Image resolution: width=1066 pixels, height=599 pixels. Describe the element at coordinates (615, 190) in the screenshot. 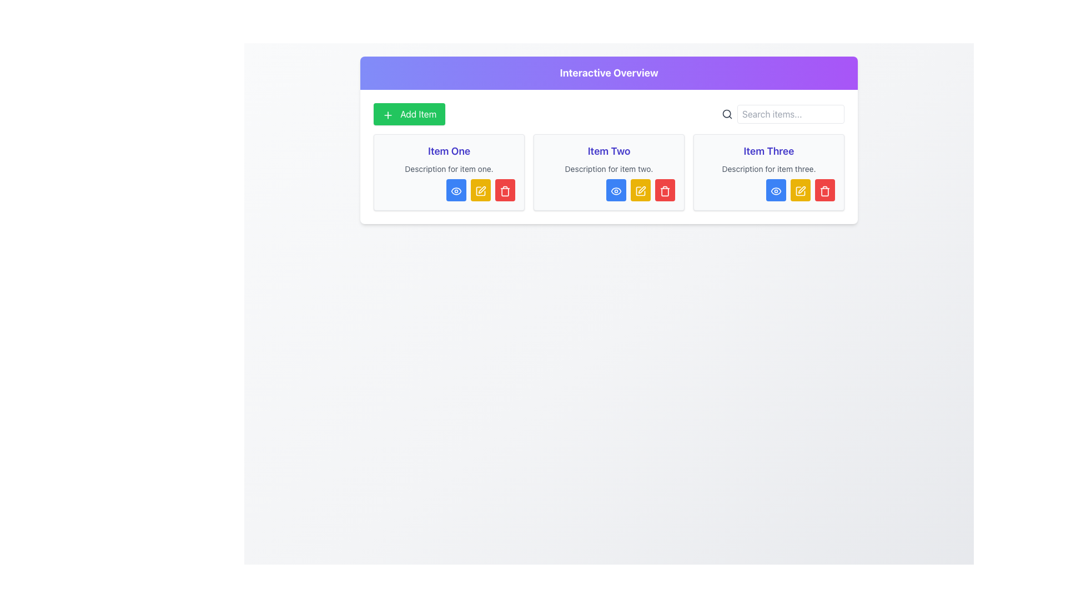

I see `the eye icon button located below the 'Item Two' section` at that location.